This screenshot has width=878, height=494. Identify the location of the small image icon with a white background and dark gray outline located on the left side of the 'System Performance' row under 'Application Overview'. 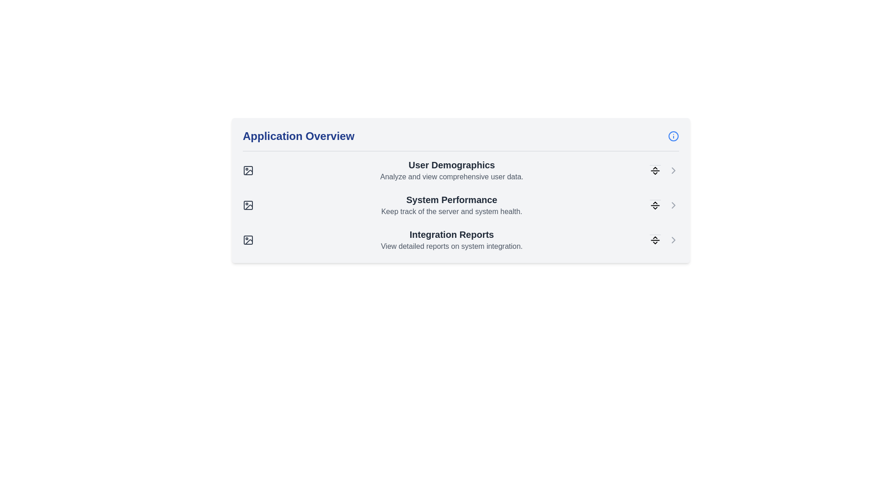
(248, 204).